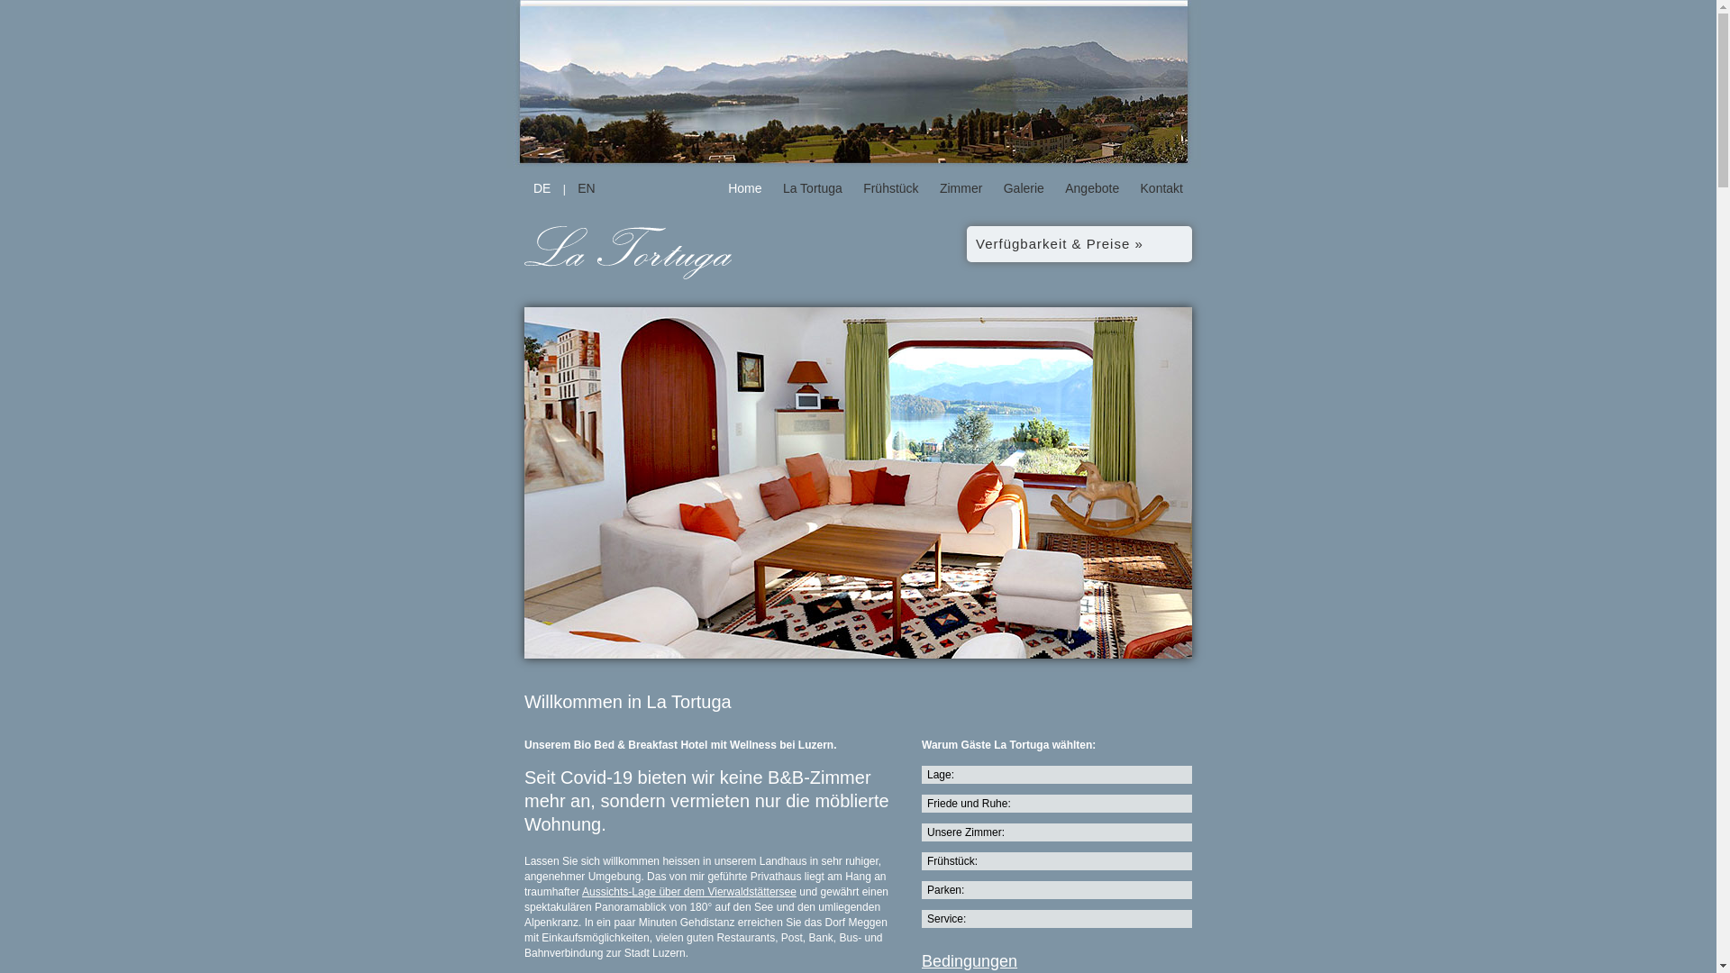 The width and height of the screenshot is (1730, 973). What do you see at coordinates (586, 187) in the screenshot?
I see `'EN'` at bounding box center [586, 187].